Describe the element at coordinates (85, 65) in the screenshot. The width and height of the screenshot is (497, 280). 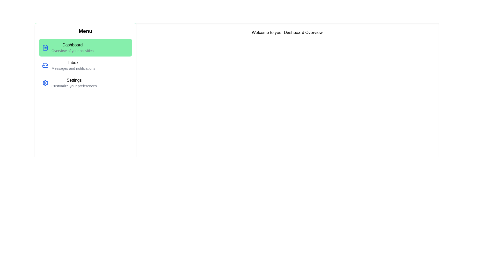
I see `the menu item corresponding to Inbox` at that location.